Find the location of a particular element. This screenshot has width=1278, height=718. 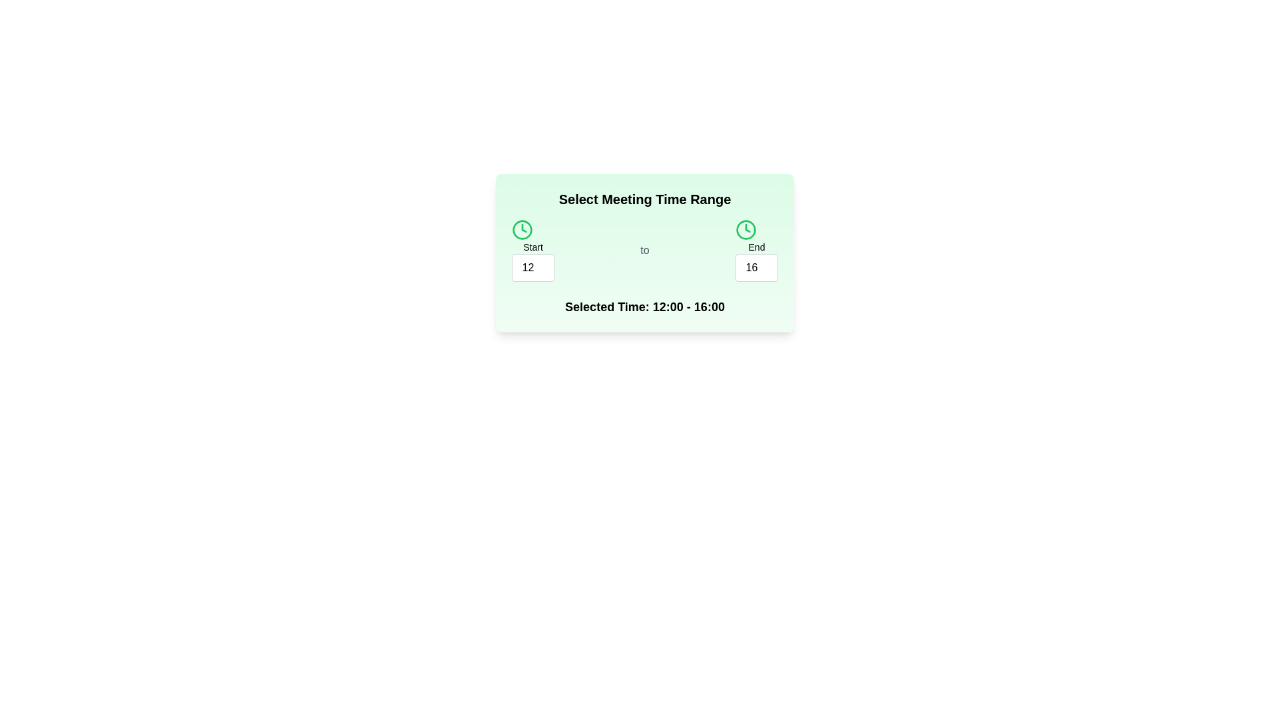

the start input field for keyboard-based adjustments is located at coordinates (533, 267).